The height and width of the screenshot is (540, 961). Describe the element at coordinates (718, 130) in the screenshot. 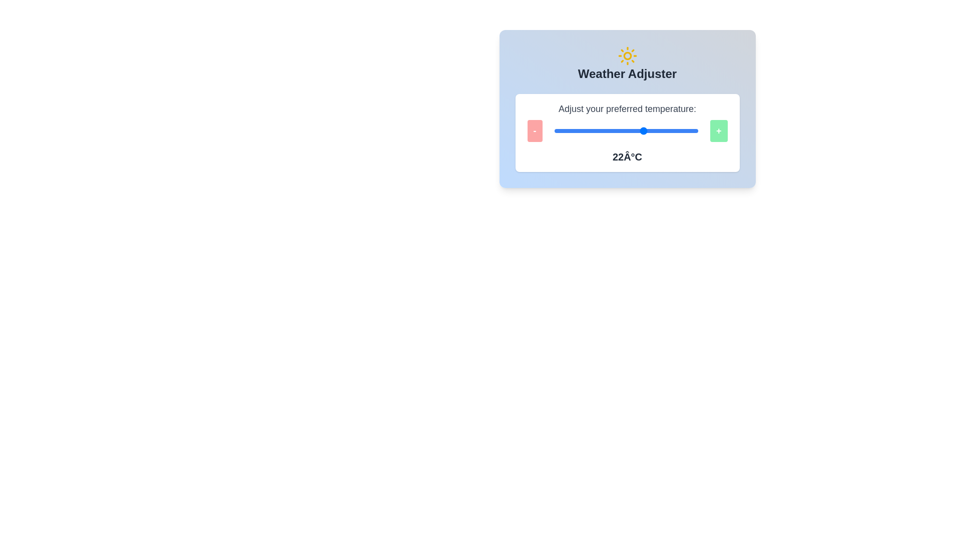

I see `increment button to raise the temperature` at that location.